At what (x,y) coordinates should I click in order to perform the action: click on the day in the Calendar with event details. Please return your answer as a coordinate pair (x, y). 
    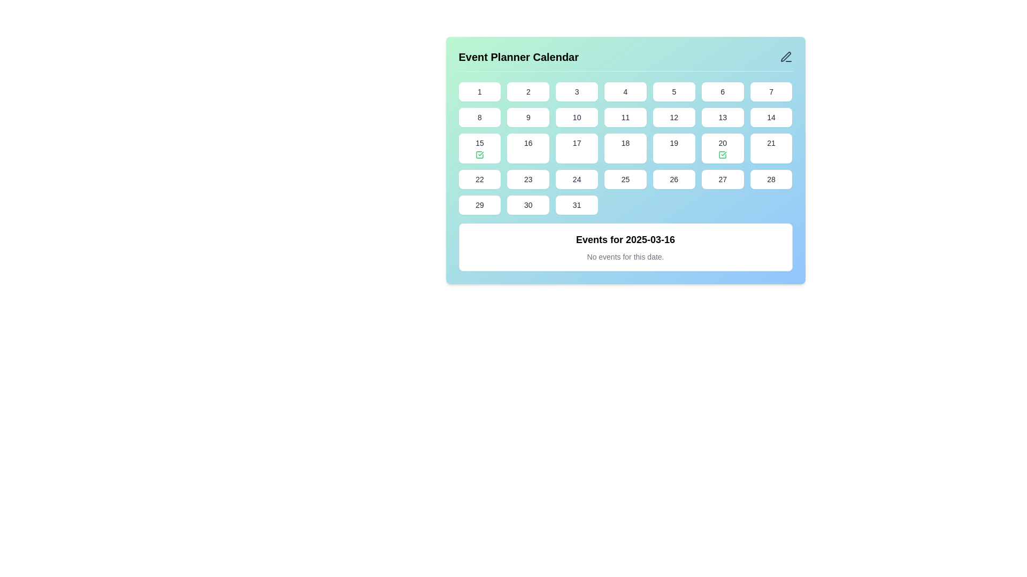
    Looking at the image, I should click on (625, 160).